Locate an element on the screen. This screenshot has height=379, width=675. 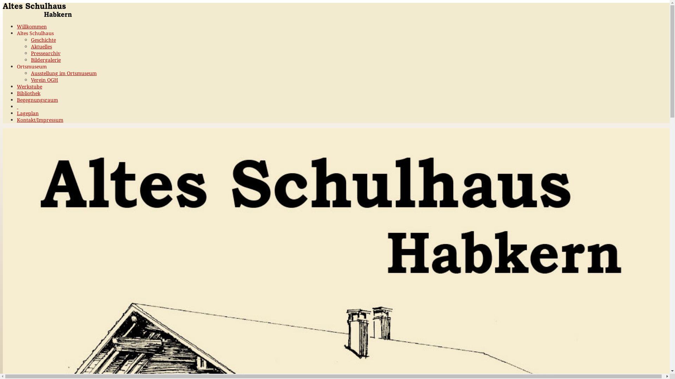
'Pressearchiv' is located at coordinates (45, 53).